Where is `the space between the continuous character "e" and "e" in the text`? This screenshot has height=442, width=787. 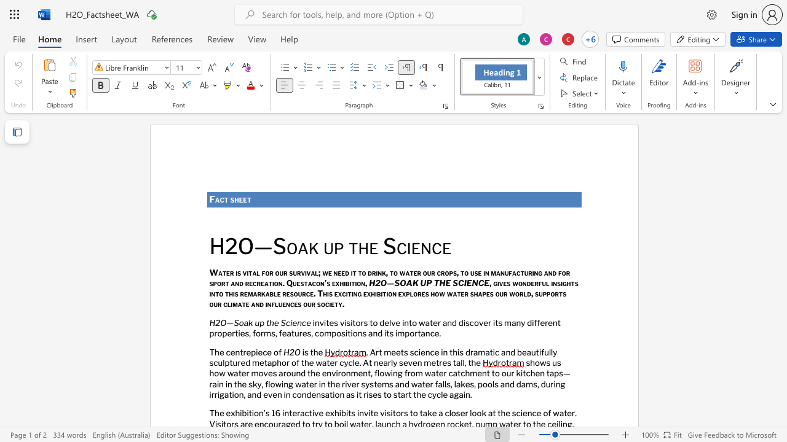 the space between the continuous character "e" and "e" in the text is located at coordinates (243, 199).